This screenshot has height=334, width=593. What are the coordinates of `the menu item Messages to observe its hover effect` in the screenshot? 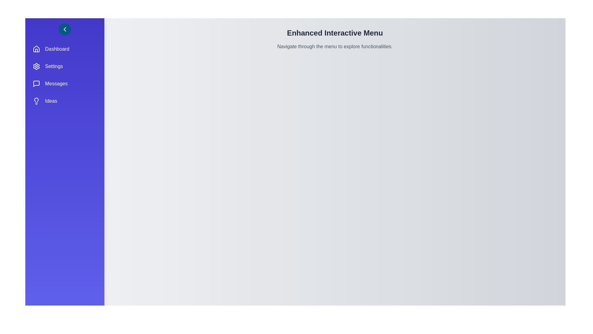 It's located at (65, 83).